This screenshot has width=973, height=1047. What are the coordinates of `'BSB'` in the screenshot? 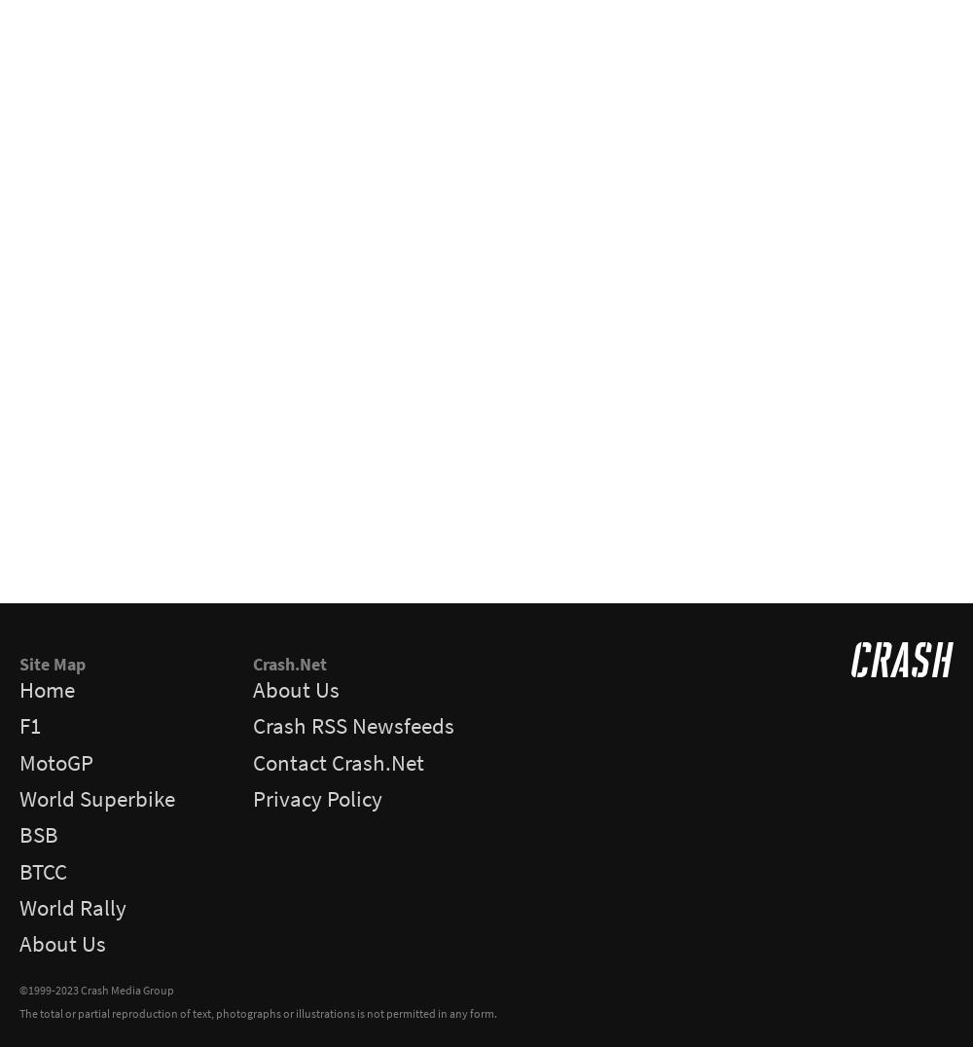 It's located at (39, 835).